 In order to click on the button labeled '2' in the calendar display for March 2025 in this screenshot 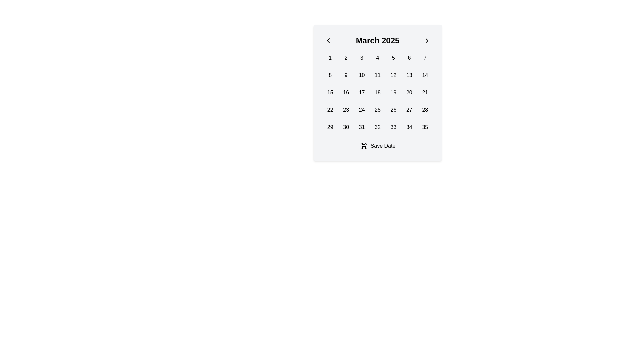, I will do `click(346, 57)`.